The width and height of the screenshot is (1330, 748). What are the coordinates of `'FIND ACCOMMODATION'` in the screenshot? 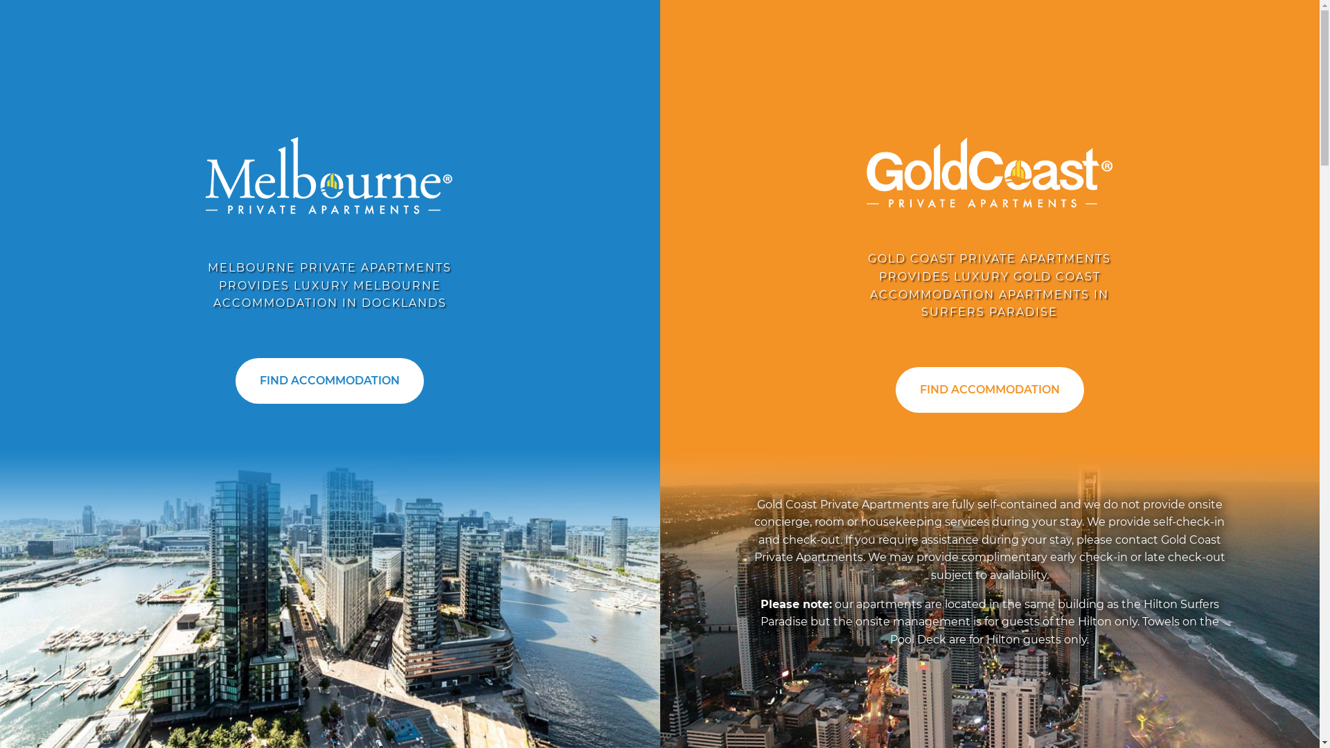 It's located at (236, 381).